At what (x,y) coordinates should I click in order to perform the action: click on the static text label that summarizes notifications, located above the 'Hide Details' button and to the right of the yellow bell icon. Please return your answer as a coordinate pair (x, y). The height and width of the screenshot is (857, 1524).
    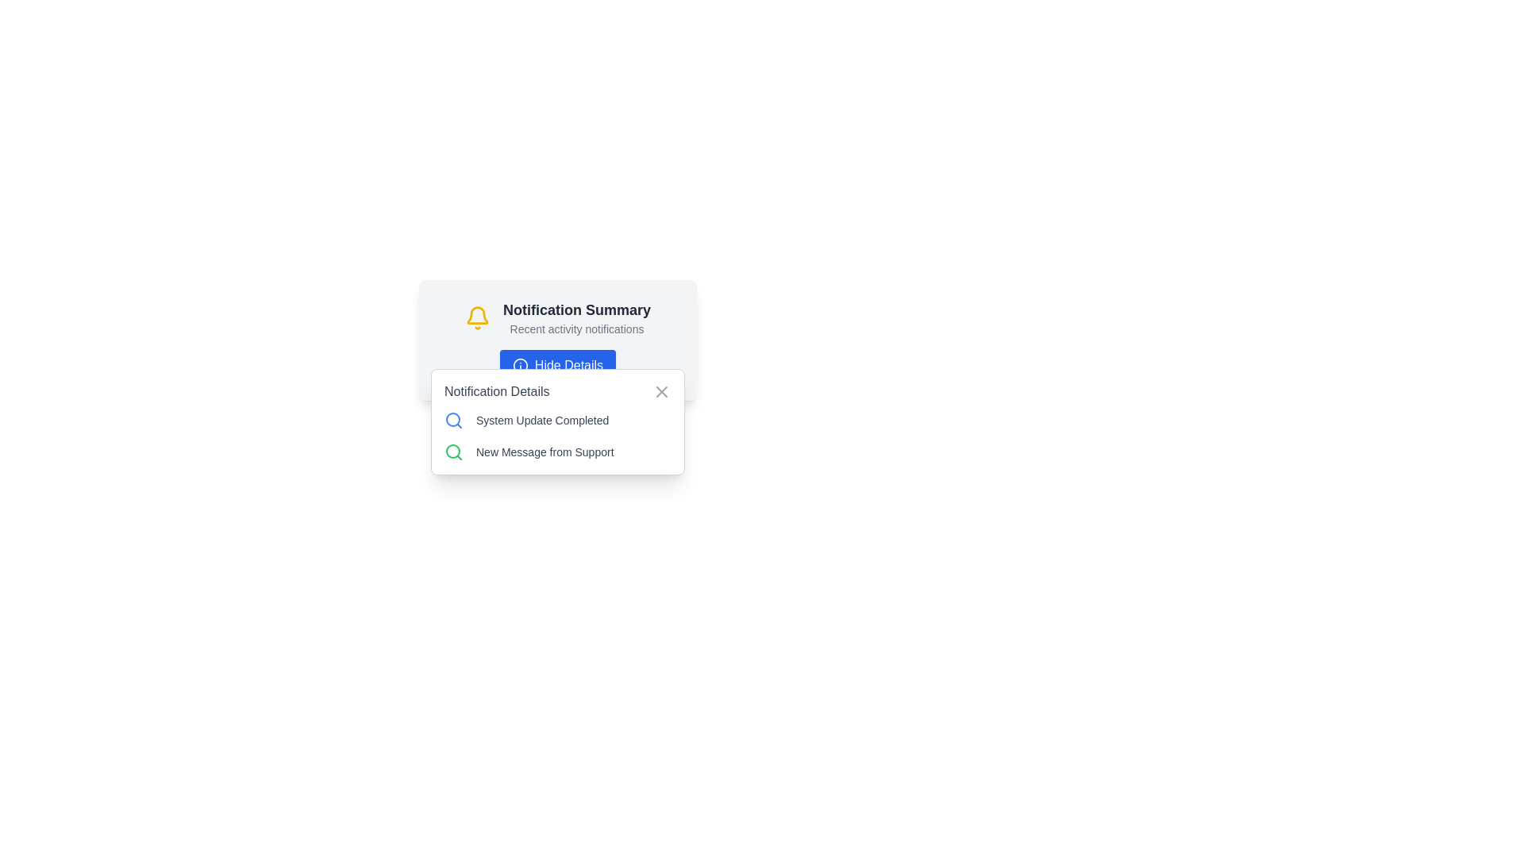
    Looking at the image, I should click on (575, 318).